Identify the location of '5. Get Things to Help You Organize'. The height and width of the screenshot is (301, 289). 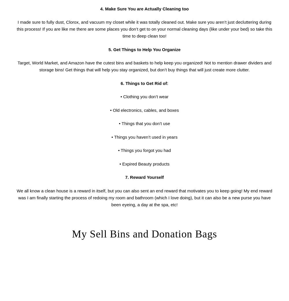
(144, 49).